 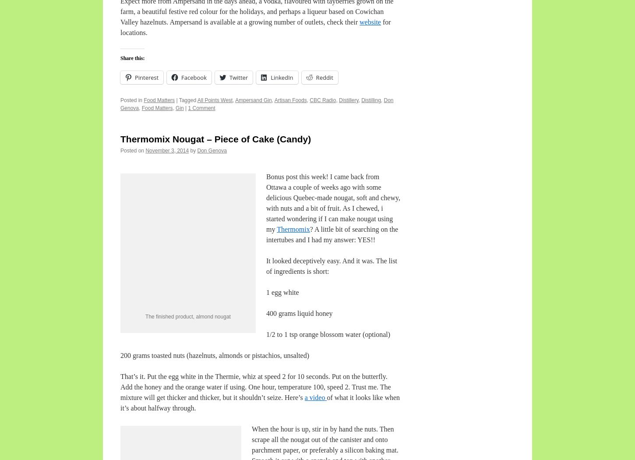 I want to click on '200 grams toasted nuts (hazelnuts, almonds or pistachios, unsalted)', so click(x=215, y=354).